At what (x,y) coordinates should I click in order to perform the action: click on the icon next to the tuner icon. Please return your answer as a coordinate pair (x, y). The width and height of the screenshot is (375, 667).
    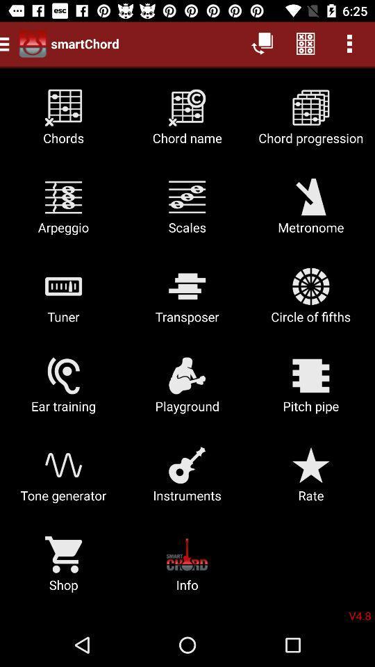
    Looking at the image, I should click on (187, 301).